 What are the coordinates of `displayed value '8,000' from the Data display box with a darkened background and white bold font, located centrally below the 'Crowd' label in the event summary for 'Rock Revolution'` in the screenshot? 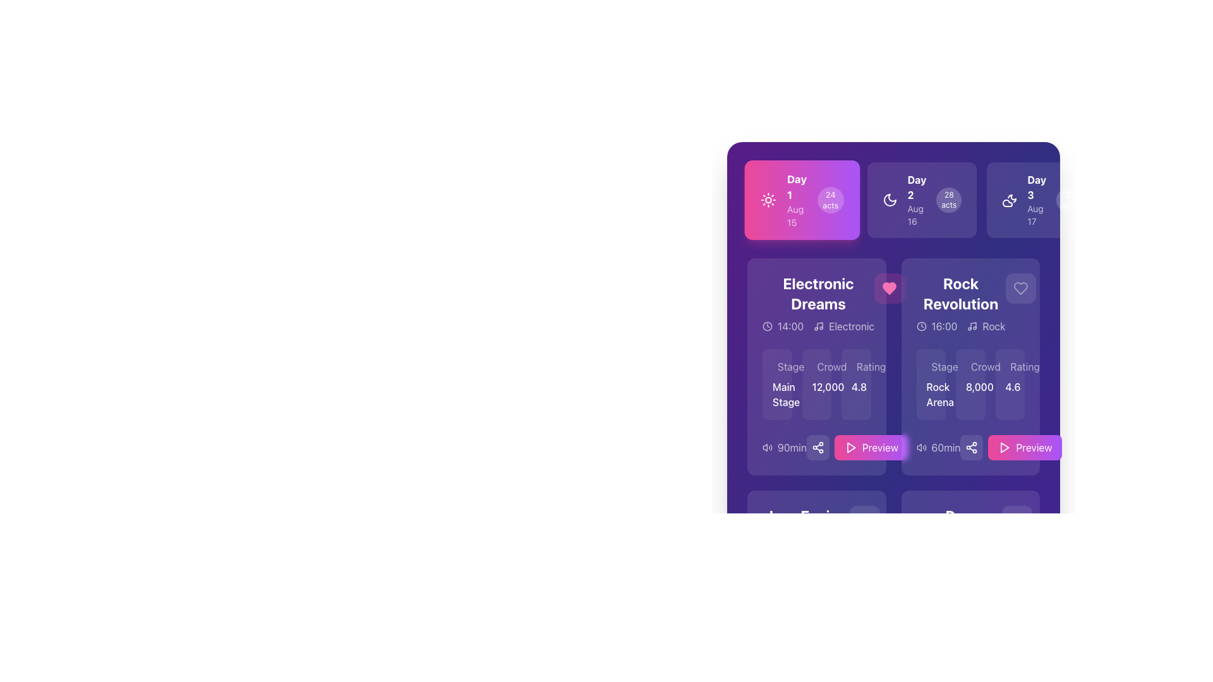 It's located at (970, 384).